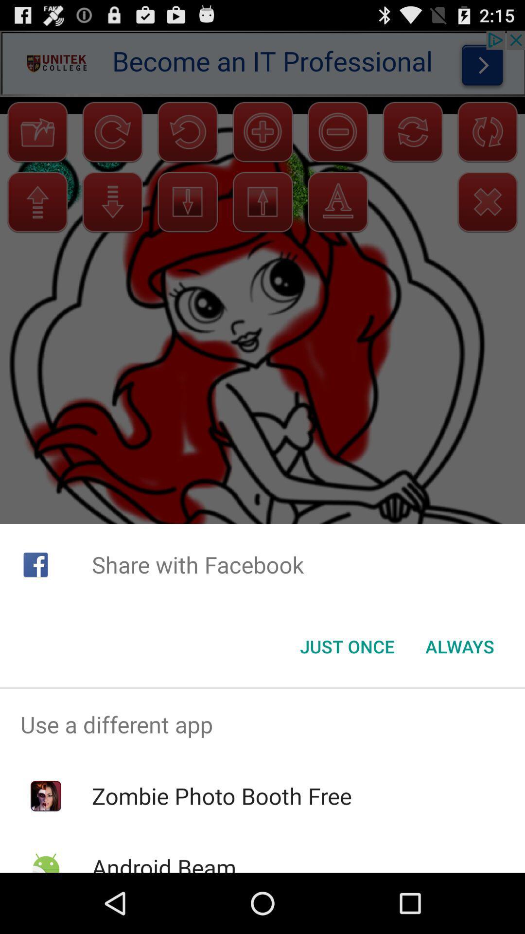 This screenshot has width=525, height=934. Describe the element at coordinates (222, 796) in the screenshot. I see `icon above android beam icon` at that location.